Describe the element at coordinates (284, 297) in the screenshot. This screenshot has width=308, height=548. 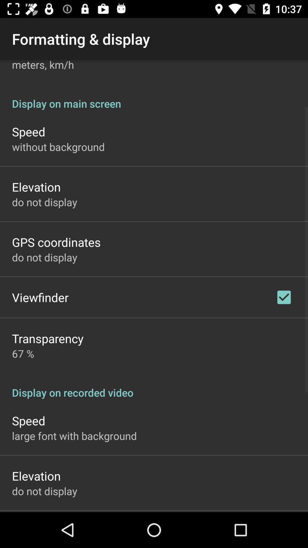
I see `checkbox on the right` at that location.